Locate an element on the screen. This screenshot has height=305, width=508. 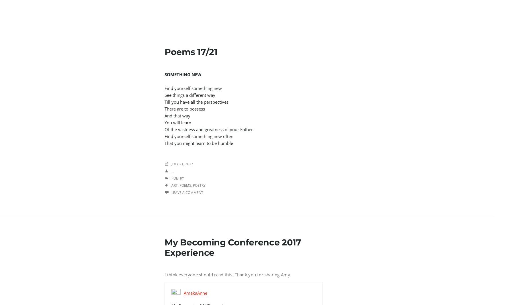
'Art' is located at coordinates (175, 185).